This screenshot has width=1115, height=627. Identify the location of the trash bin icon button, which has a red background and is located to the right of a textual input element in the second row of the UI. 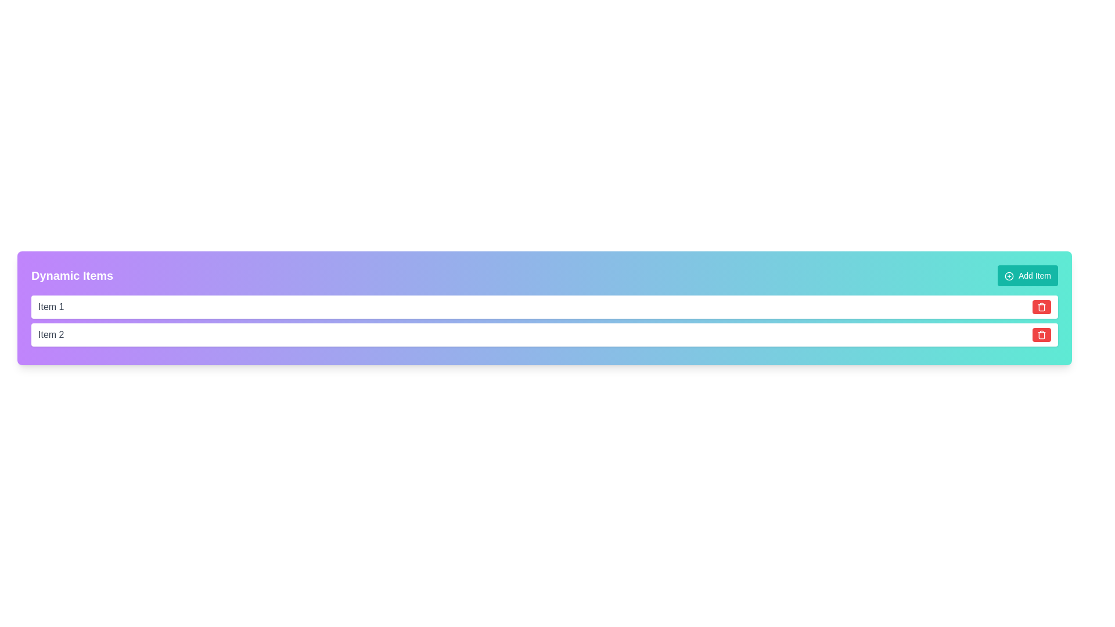
(1042, 306).